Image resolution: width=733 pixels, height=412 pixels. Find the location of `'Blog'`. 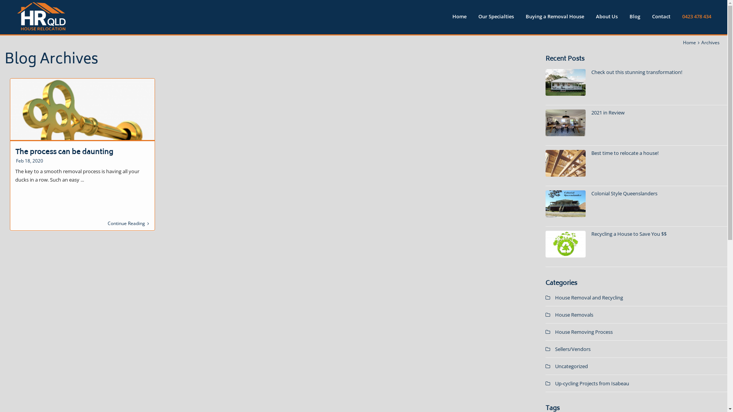

'Blog' is located at coordinates (635, 19).